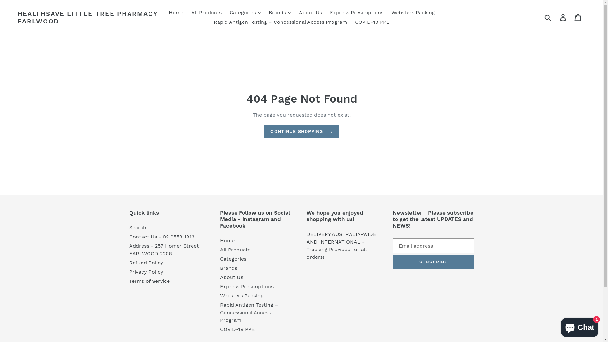 The height and width of the screenshot is (342, 608). Describe the element at coordinates (146, 271) in the screenshot. I see `'Privacy Policy'` at that location.